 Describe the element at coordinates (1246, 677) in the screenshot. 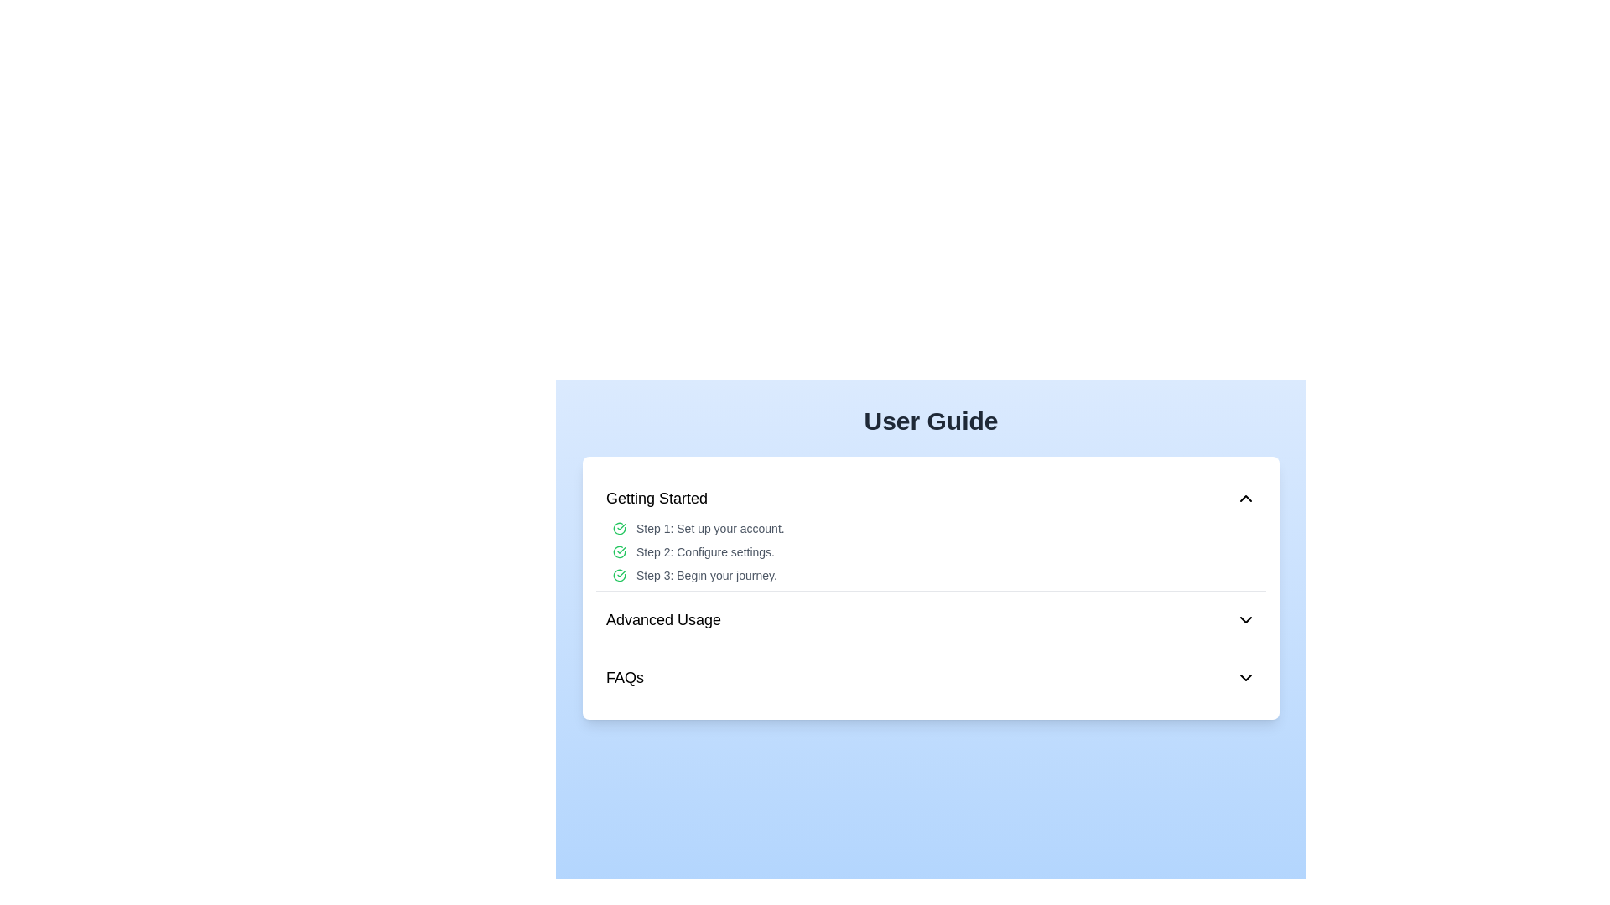

I see `the Interactive Icon - Chevron located at the far right side of the 'FAQs' item` at that location.